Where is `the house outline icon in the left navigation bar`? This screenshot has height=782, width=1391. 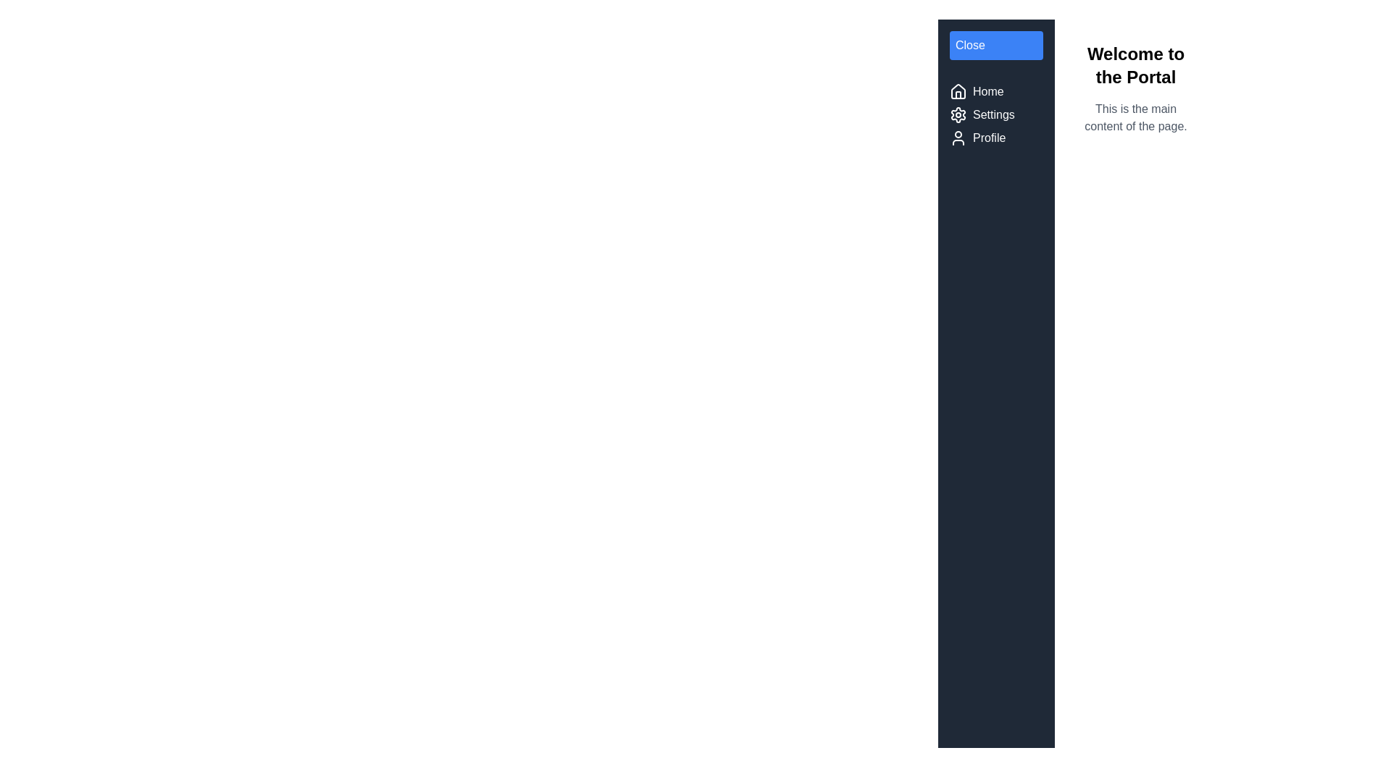
the house outline icon in the left navigation bar is located at coordinates (958, 92).